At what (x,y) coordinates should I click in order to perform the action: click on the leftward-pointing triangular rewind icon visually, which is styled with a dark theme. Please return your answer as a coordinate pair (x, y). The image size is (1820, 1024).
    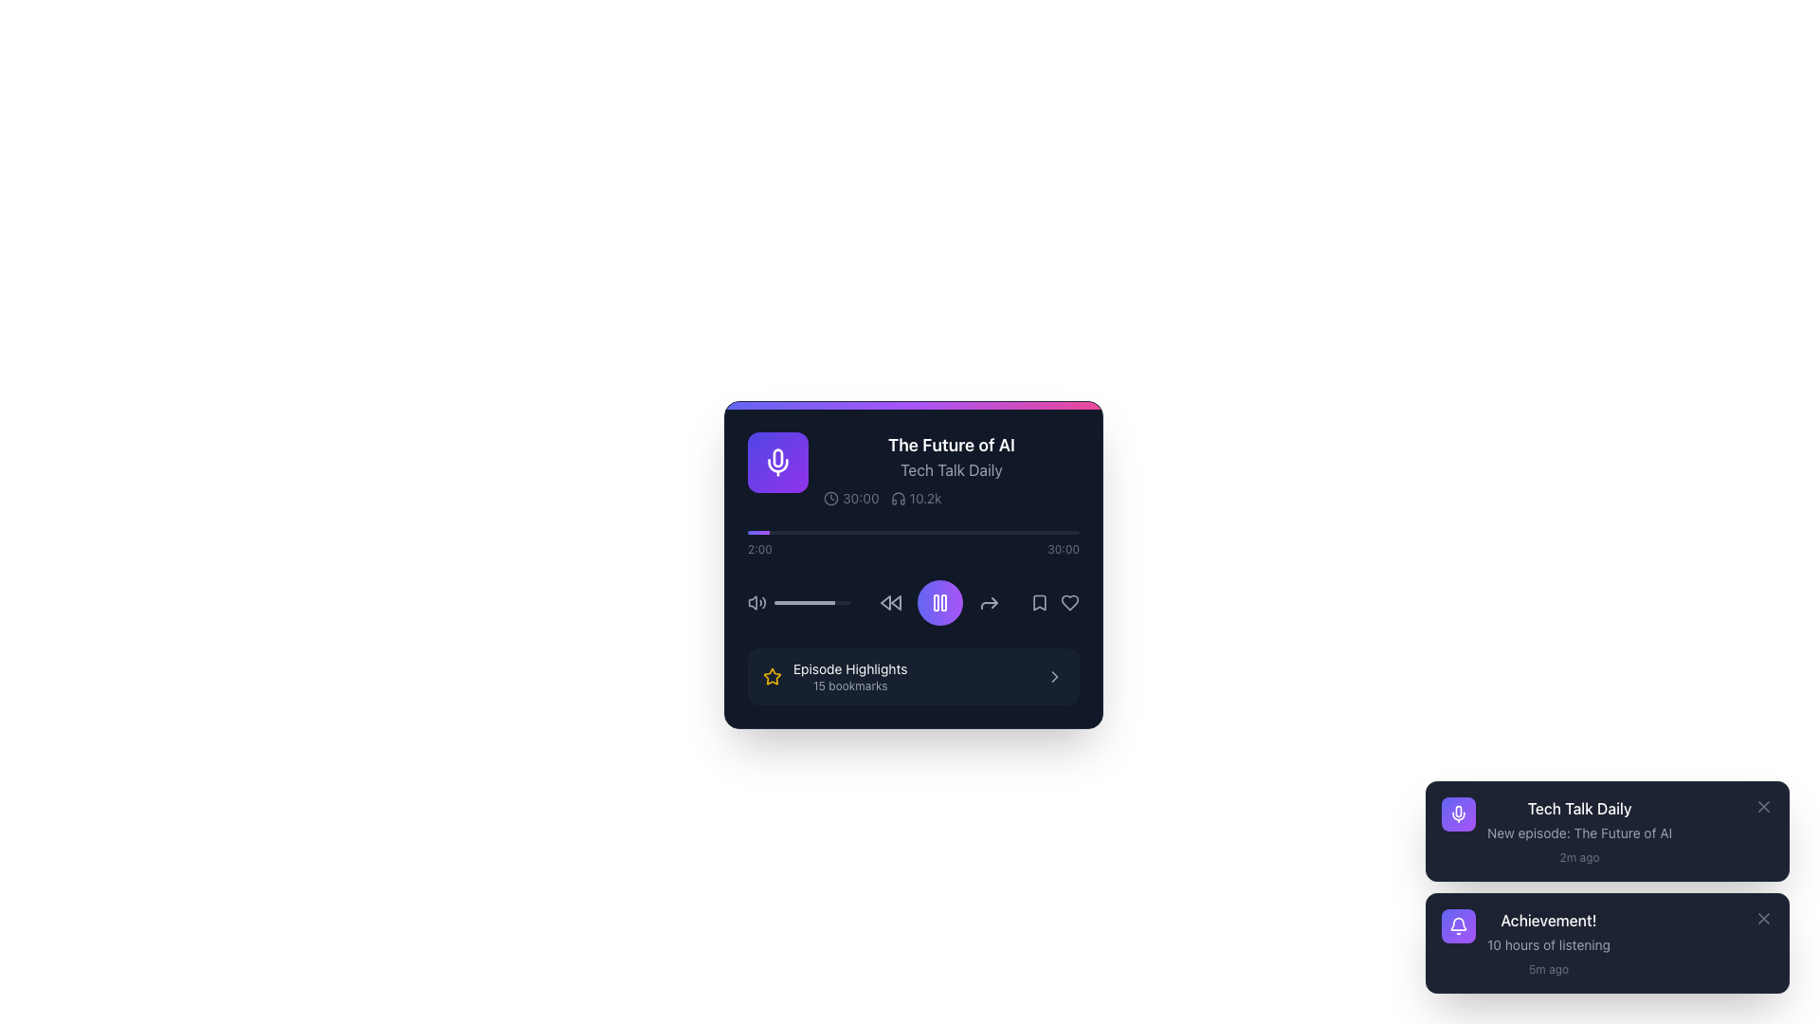
    Looking at the image, I should click on (884, 603).